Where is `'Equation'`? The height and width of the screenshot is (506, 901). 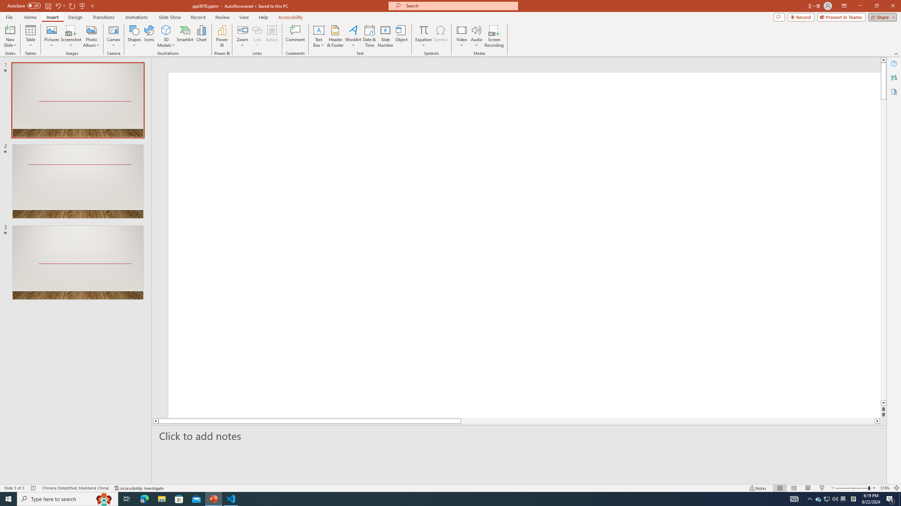
'Equation' is located at coordinates (423, 36).